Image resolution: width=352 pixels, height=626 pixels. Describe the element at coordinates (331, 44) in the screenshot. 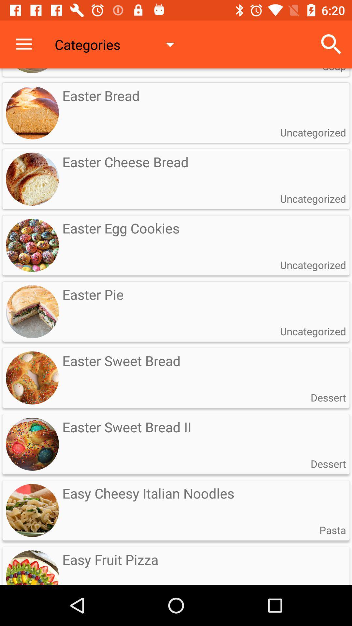

I see `the icon next to categories item` at that location.